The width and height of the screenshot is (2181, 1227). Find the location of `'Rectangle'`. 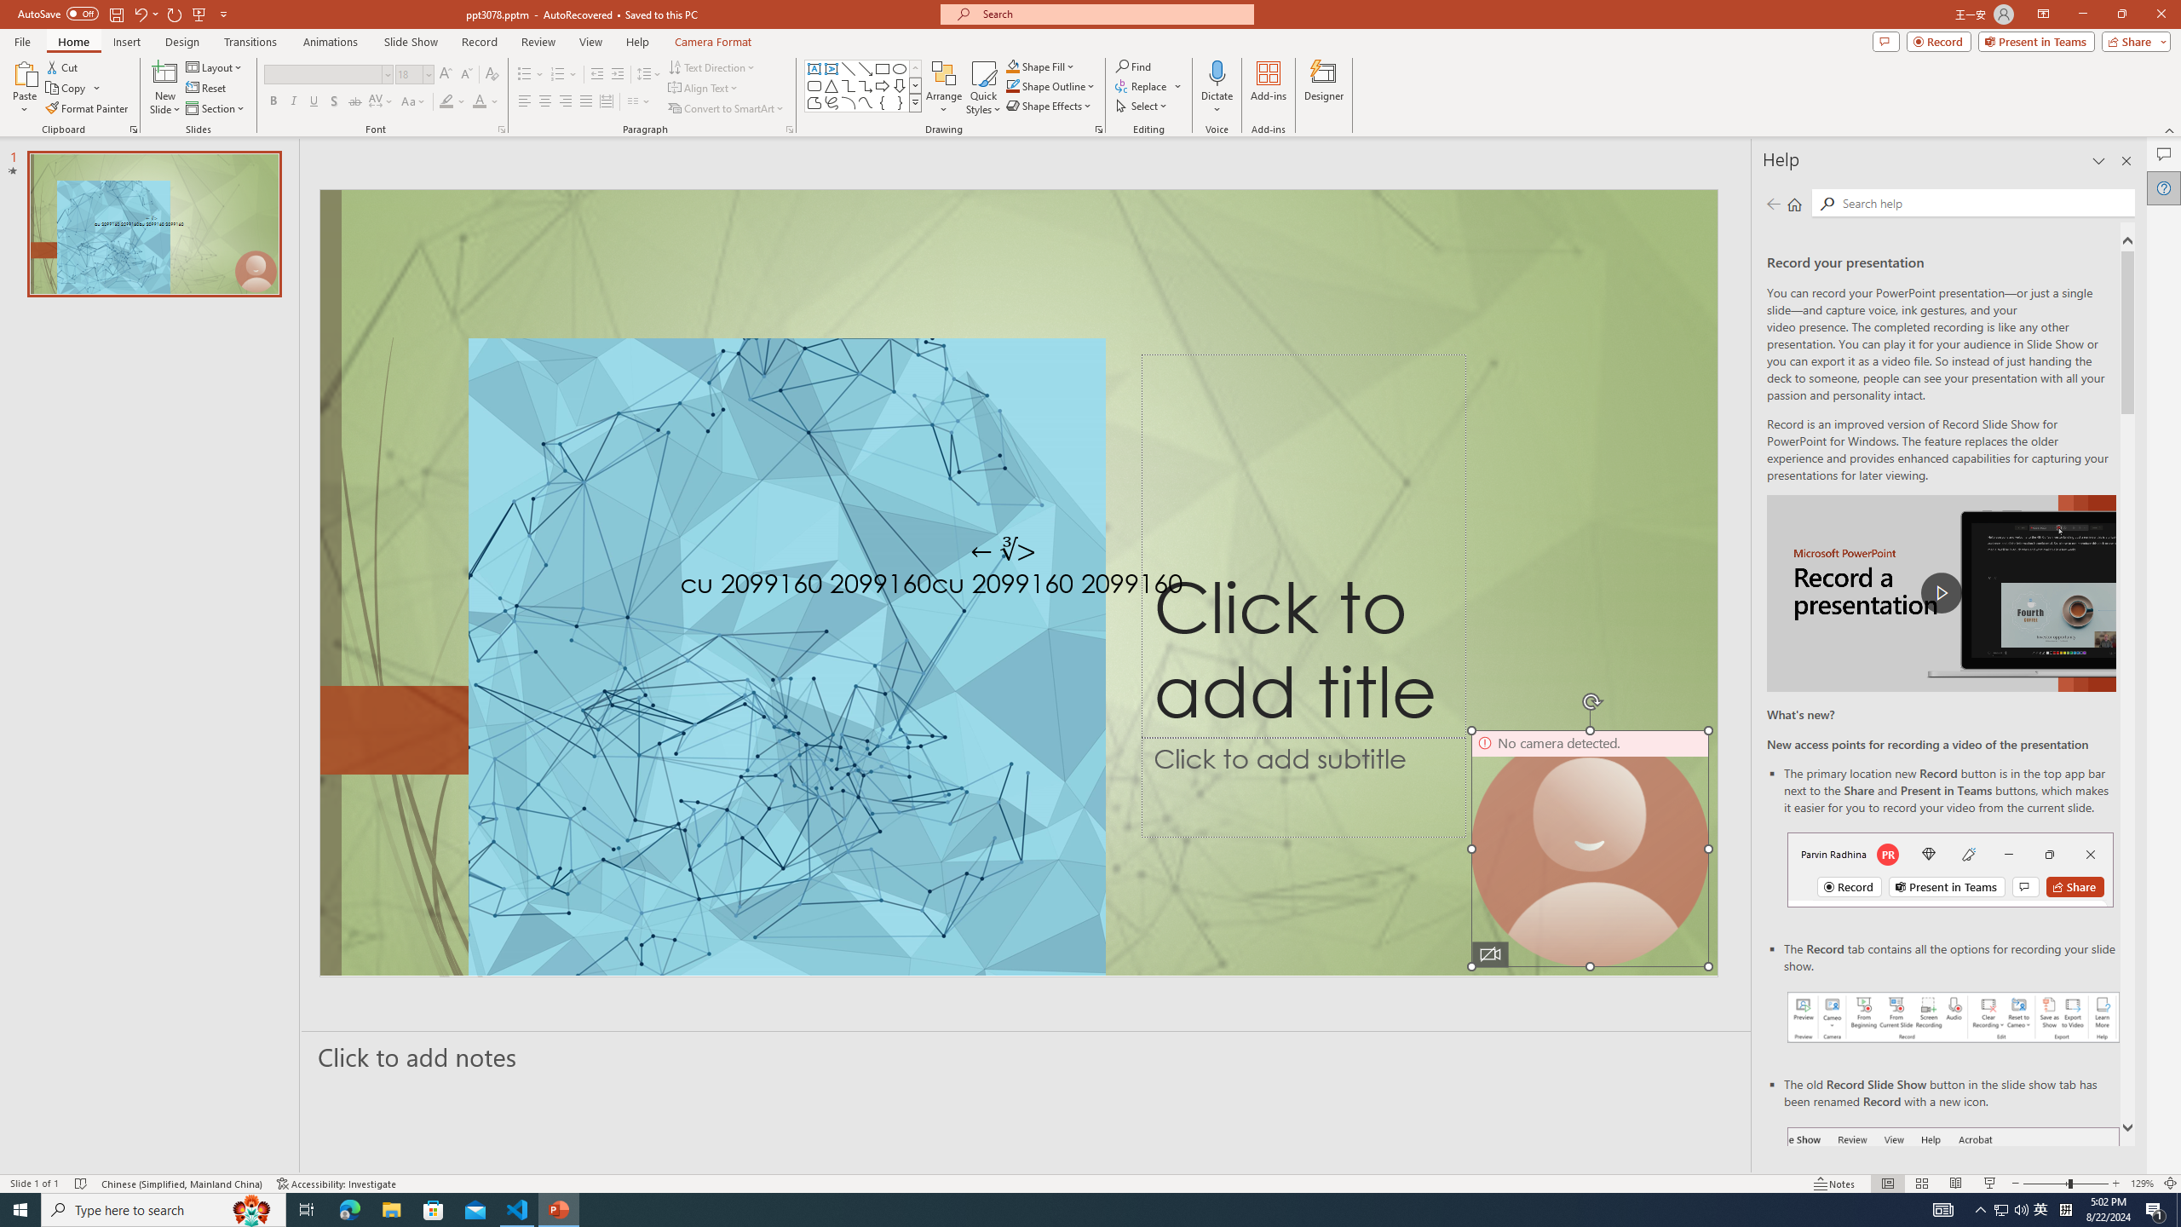

'Rectangle' is located at coordinates (882, 68).